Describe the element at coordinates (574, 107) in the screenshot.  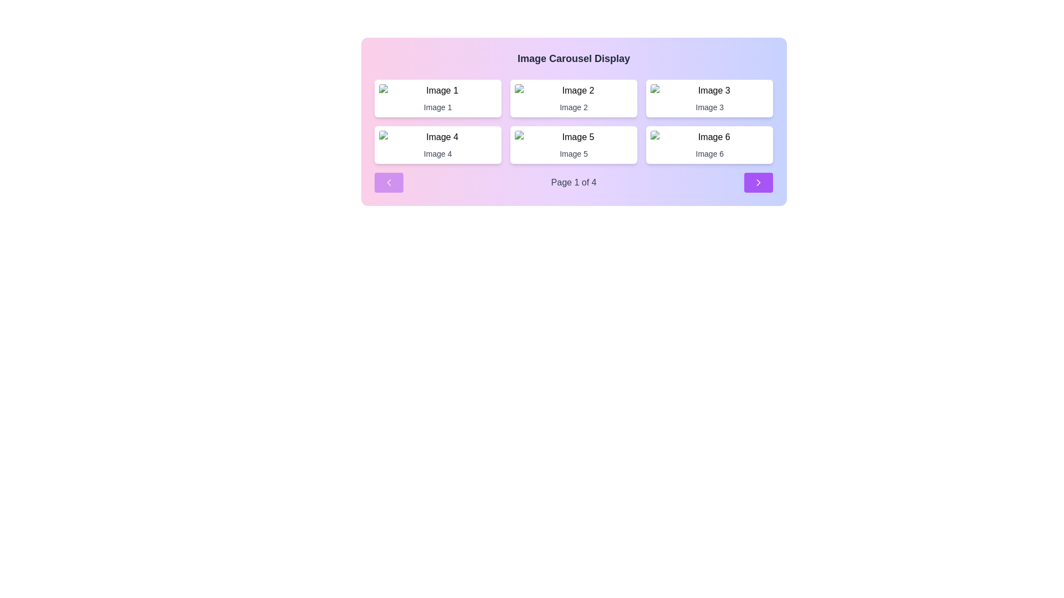
I see `the text label positioned directly below the placeholder image labeled 'Image 2', located in the second cell of the first row of the grid layout` at that location.